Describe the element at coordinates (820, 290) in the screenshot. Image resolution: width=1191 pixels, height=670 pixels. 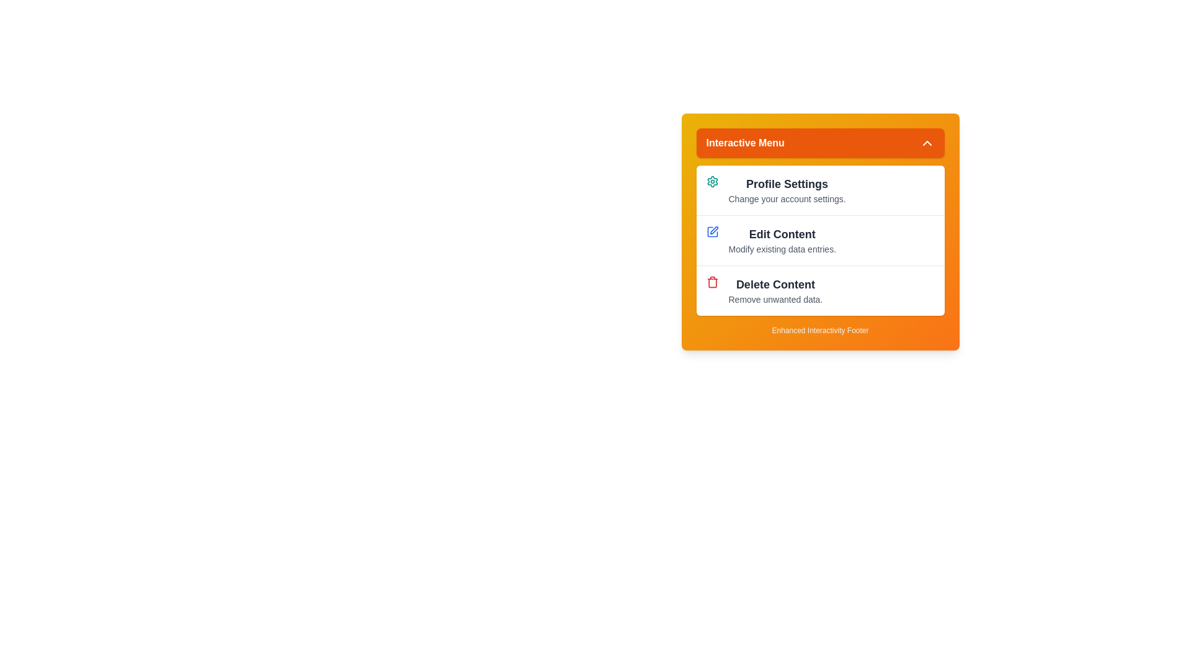
I see `the menu item Delete Content to interact with it` at that location.